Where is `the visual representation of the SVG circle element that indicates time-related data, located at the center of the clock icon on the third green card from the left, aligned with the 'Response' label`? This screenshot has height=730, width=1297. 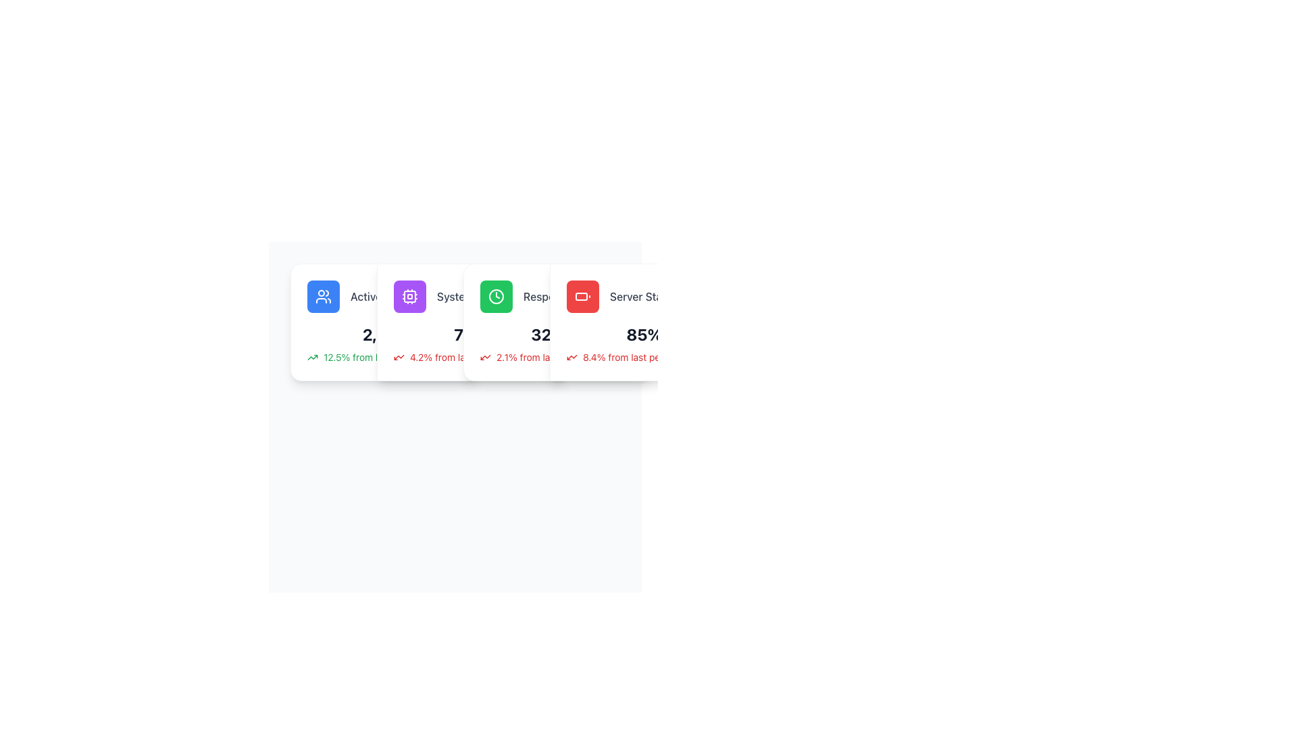
the visual representation of the SVG circle element that indicates time-related data, located at the center of the clock icon on the third green card from the left, aligned with the 'Response' label is located at coordinates (495, 296).